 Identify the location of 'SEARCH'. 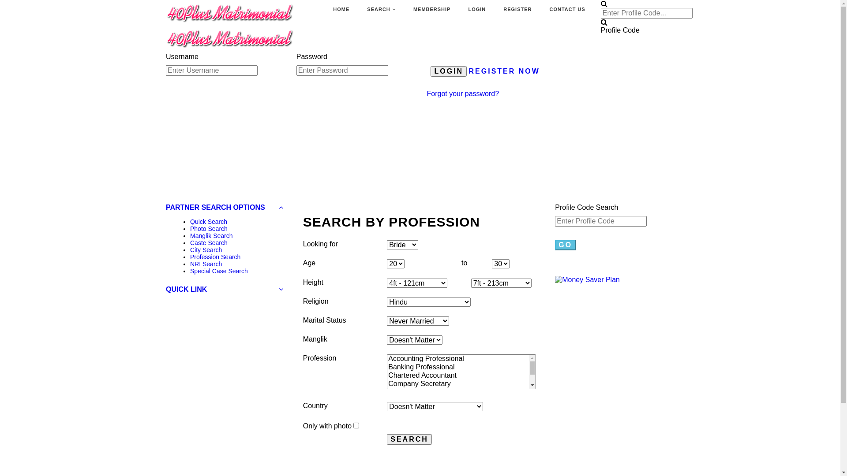
(381, 10).